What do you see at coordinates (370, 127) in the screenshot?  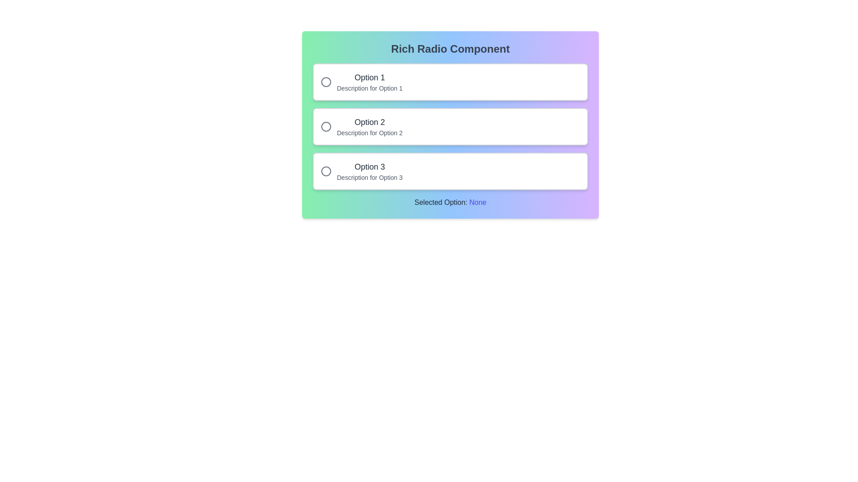 I see `the text label displaying 'Option 2'` at bounding box center [370, 127].